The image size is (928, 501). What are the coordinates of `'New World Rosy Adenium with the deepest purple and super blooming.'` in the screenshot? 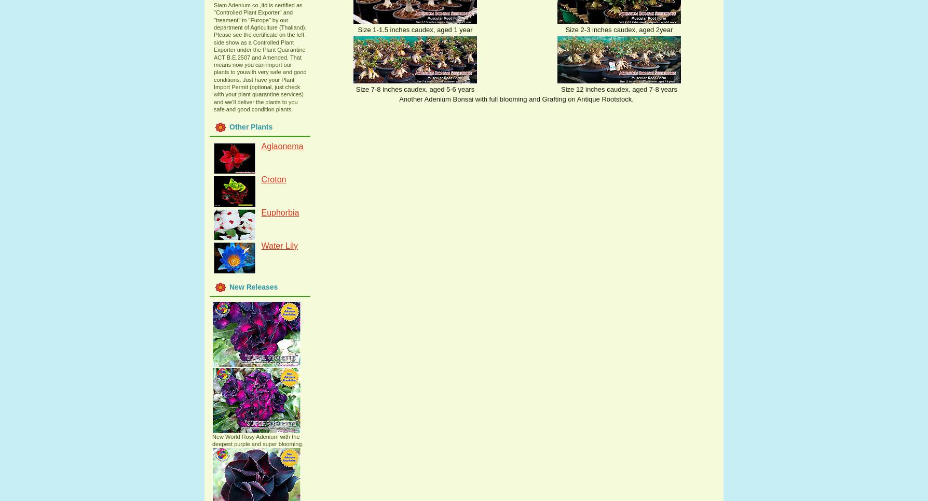 It's located at (257, 440).